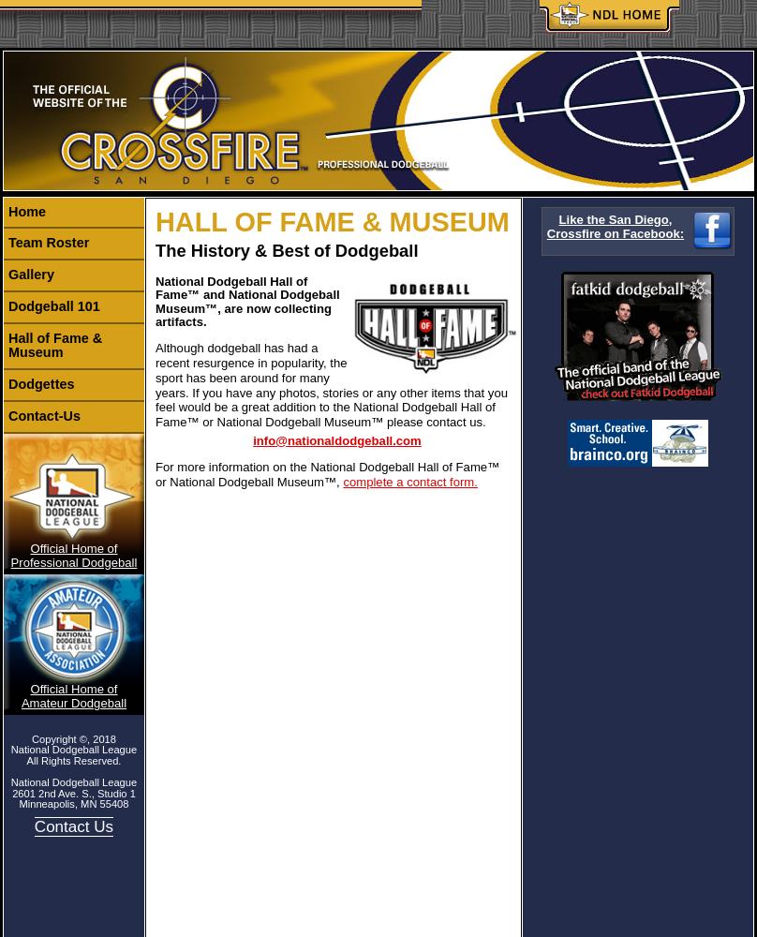  Describe the element at coordinates (285, 250) in the screenshot. I see `'The History & Best of Dodgeball'` at that location.